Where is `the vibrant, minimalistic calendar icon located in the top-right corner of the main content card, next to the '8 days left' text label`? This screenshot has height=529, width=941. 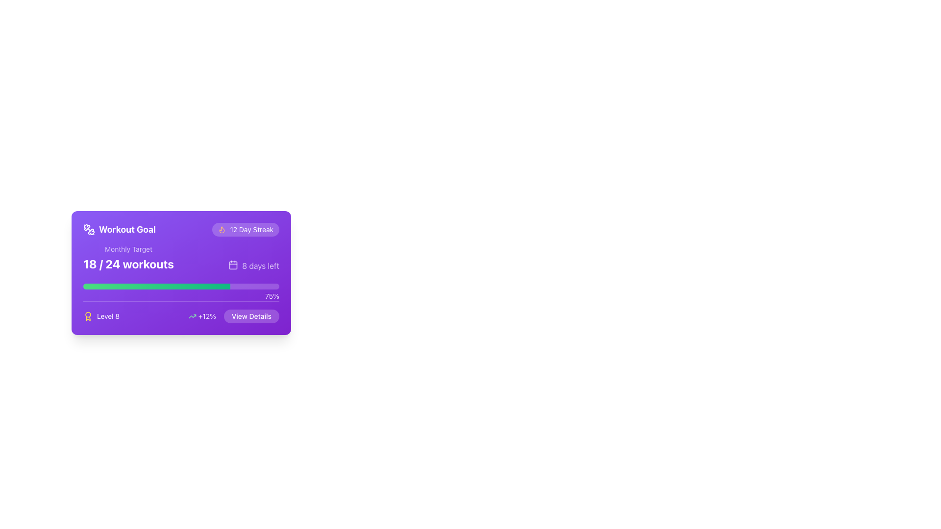
the vibrant, minimalistic calendar icon located in the top-right corner of the main content card, next to the '8 days left' text label is located at coordinates (233, 265).